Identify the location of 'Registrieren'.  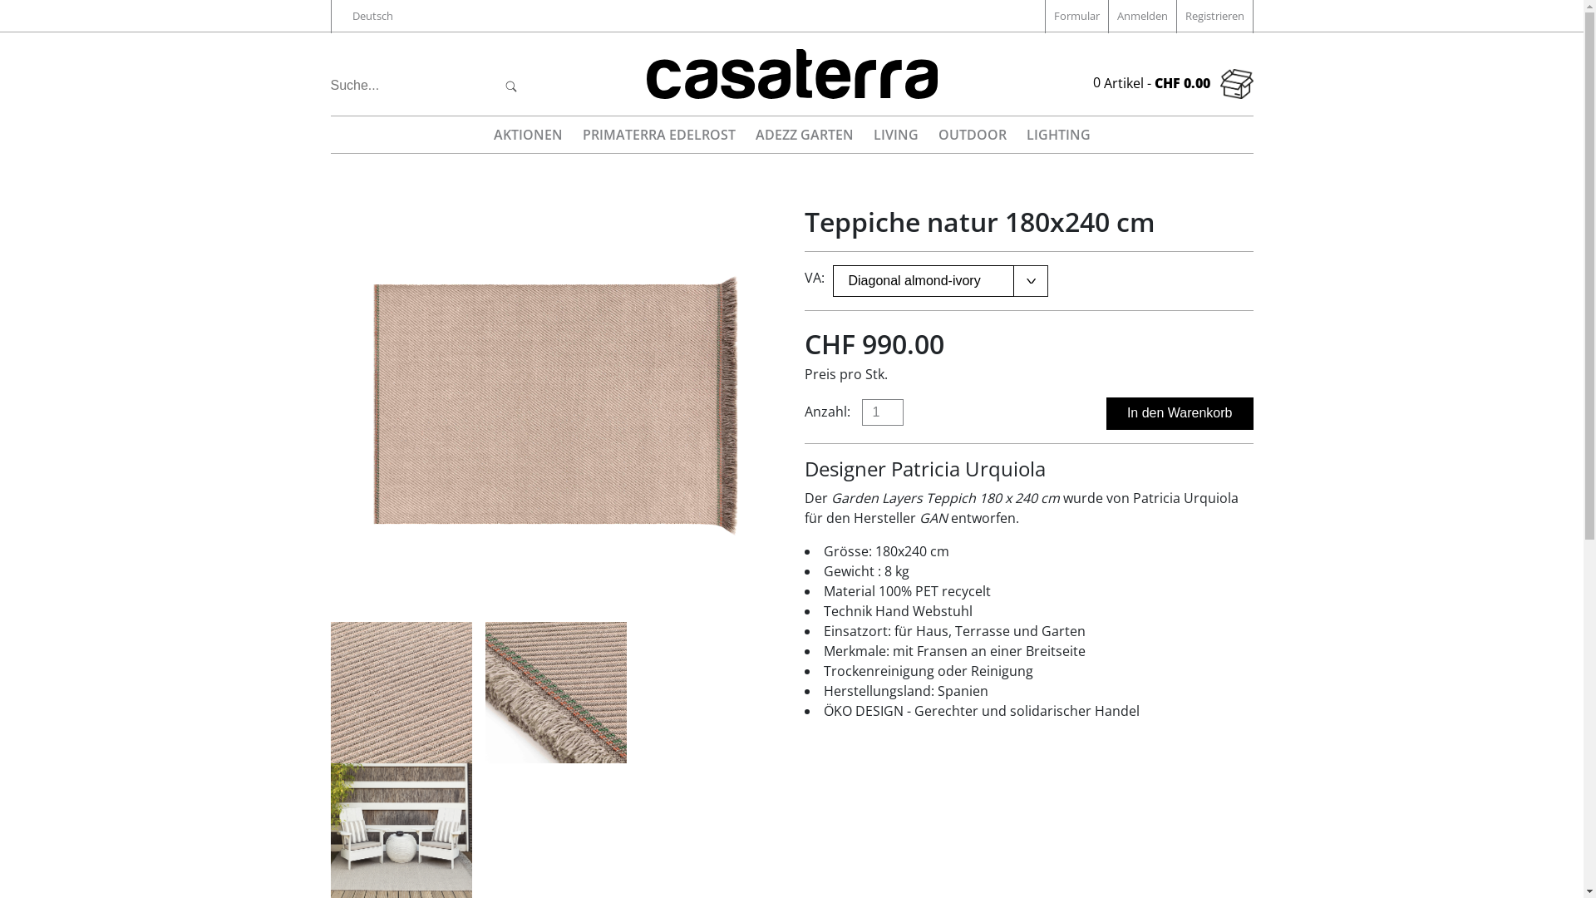
(1214, 16).